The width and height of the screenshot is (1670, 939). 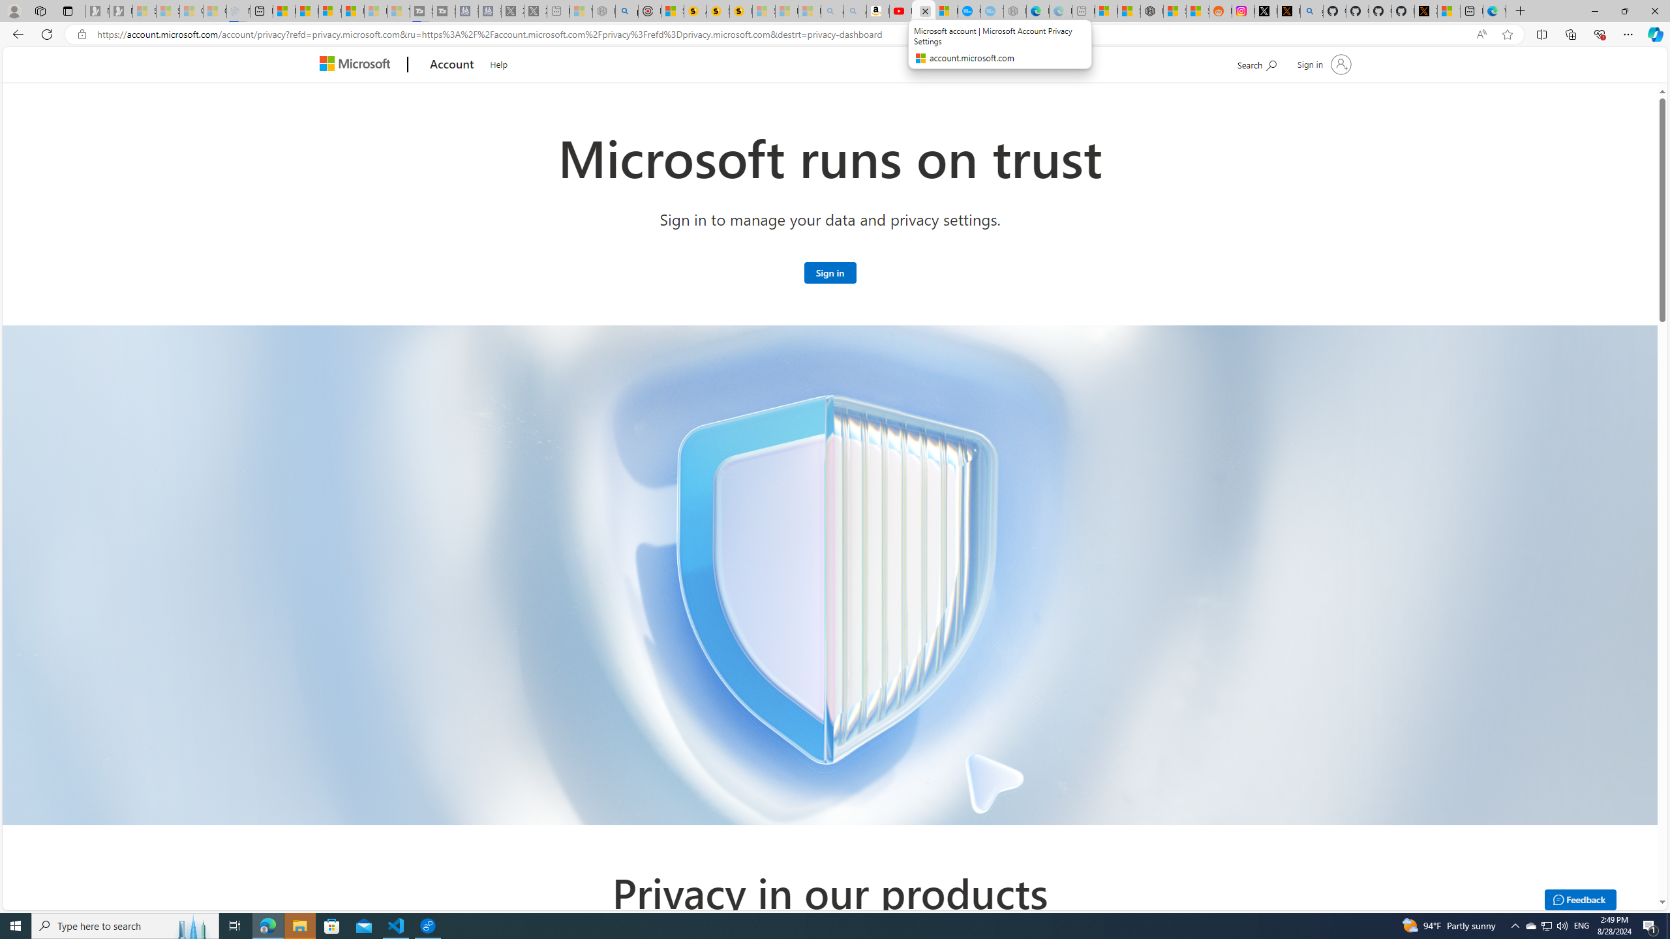 I want to click on 'Sign in to your account', so click(x=1322, y=63).